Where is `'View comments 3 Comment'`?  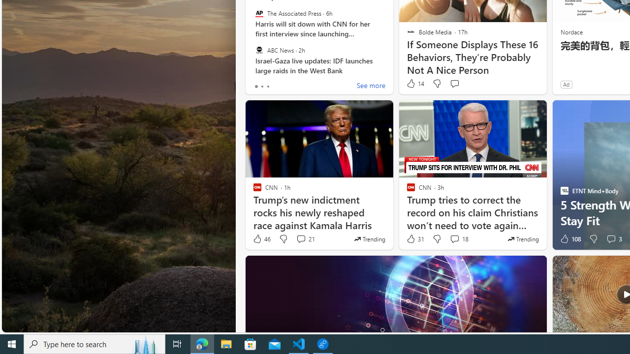 'View comments 3 Comment' is located at coordinates (613, 239).